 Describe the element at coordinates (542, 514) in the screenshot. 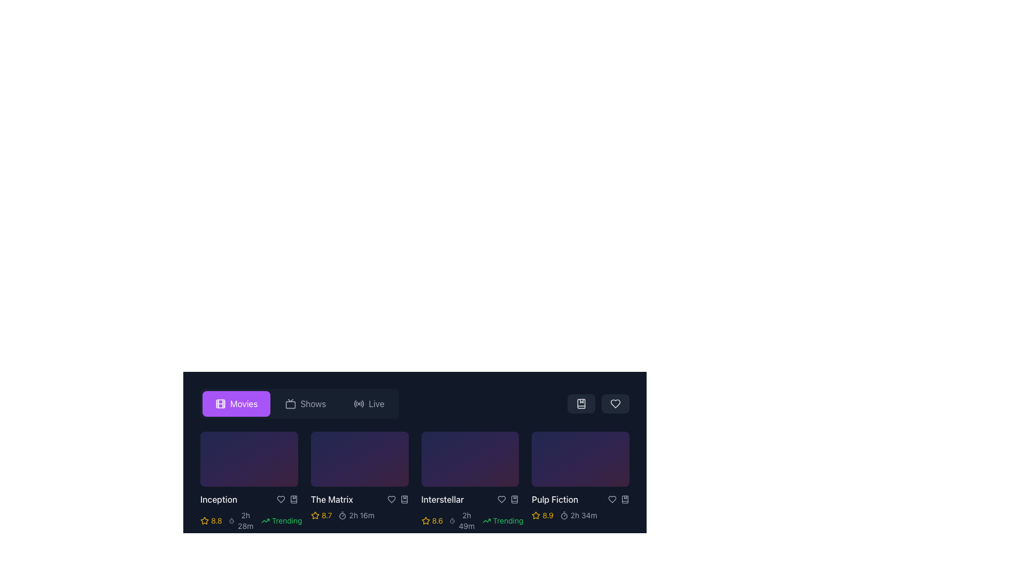

I see `rating value displayed as '8.9' in yellow color, which is accompanied by a yellow outlined star icon, located under the card labeled 'Pulp Fiction.'` at that location.